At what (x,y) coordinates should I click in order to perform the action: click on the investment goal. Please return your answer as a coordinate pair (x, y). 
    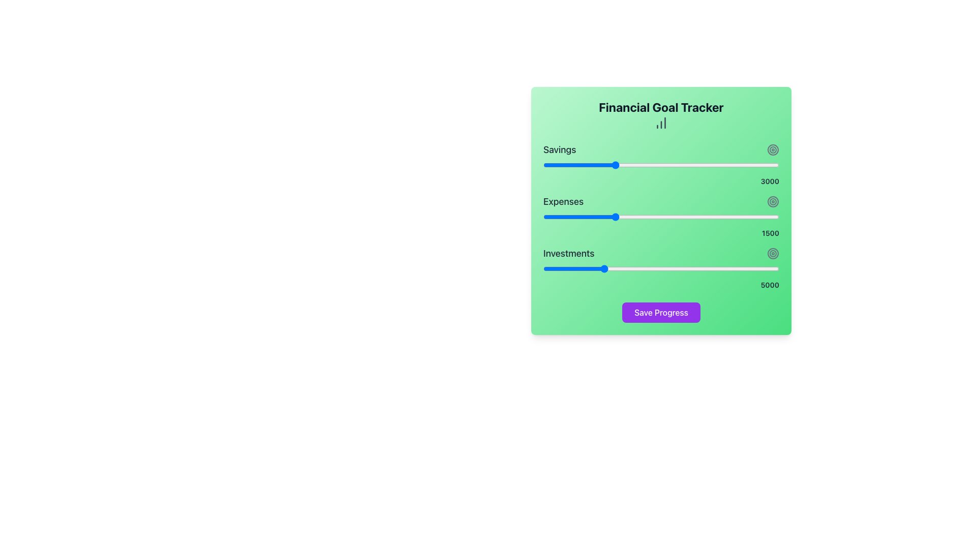
    Looking at the image, I should click on (751, 268).